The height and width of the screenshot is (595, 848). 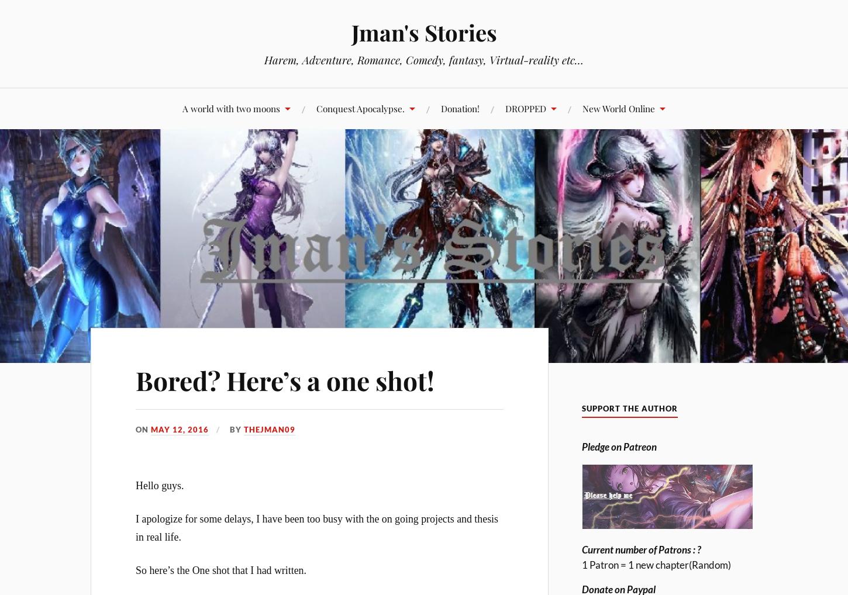 I want to click on 'Pledge on Patreon', so click(x=619, y=447).